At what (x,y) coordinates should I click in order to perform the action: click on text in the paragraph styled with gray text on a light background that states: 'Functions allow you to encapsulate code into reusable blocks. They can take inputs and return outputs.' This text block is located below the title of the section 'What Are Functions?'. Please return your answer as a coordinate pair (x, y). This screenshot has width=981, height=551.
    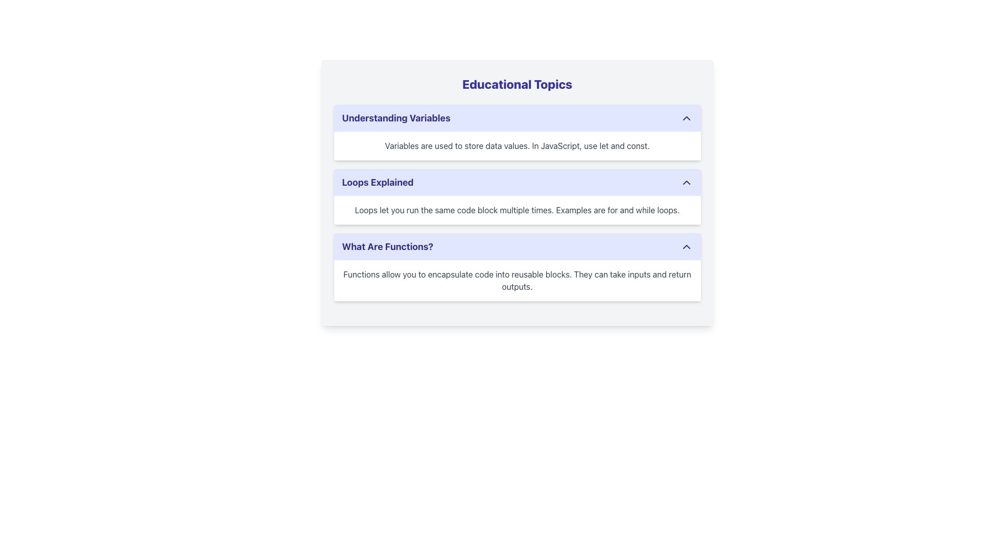
    Looking at the image, I should click on (517, 281).